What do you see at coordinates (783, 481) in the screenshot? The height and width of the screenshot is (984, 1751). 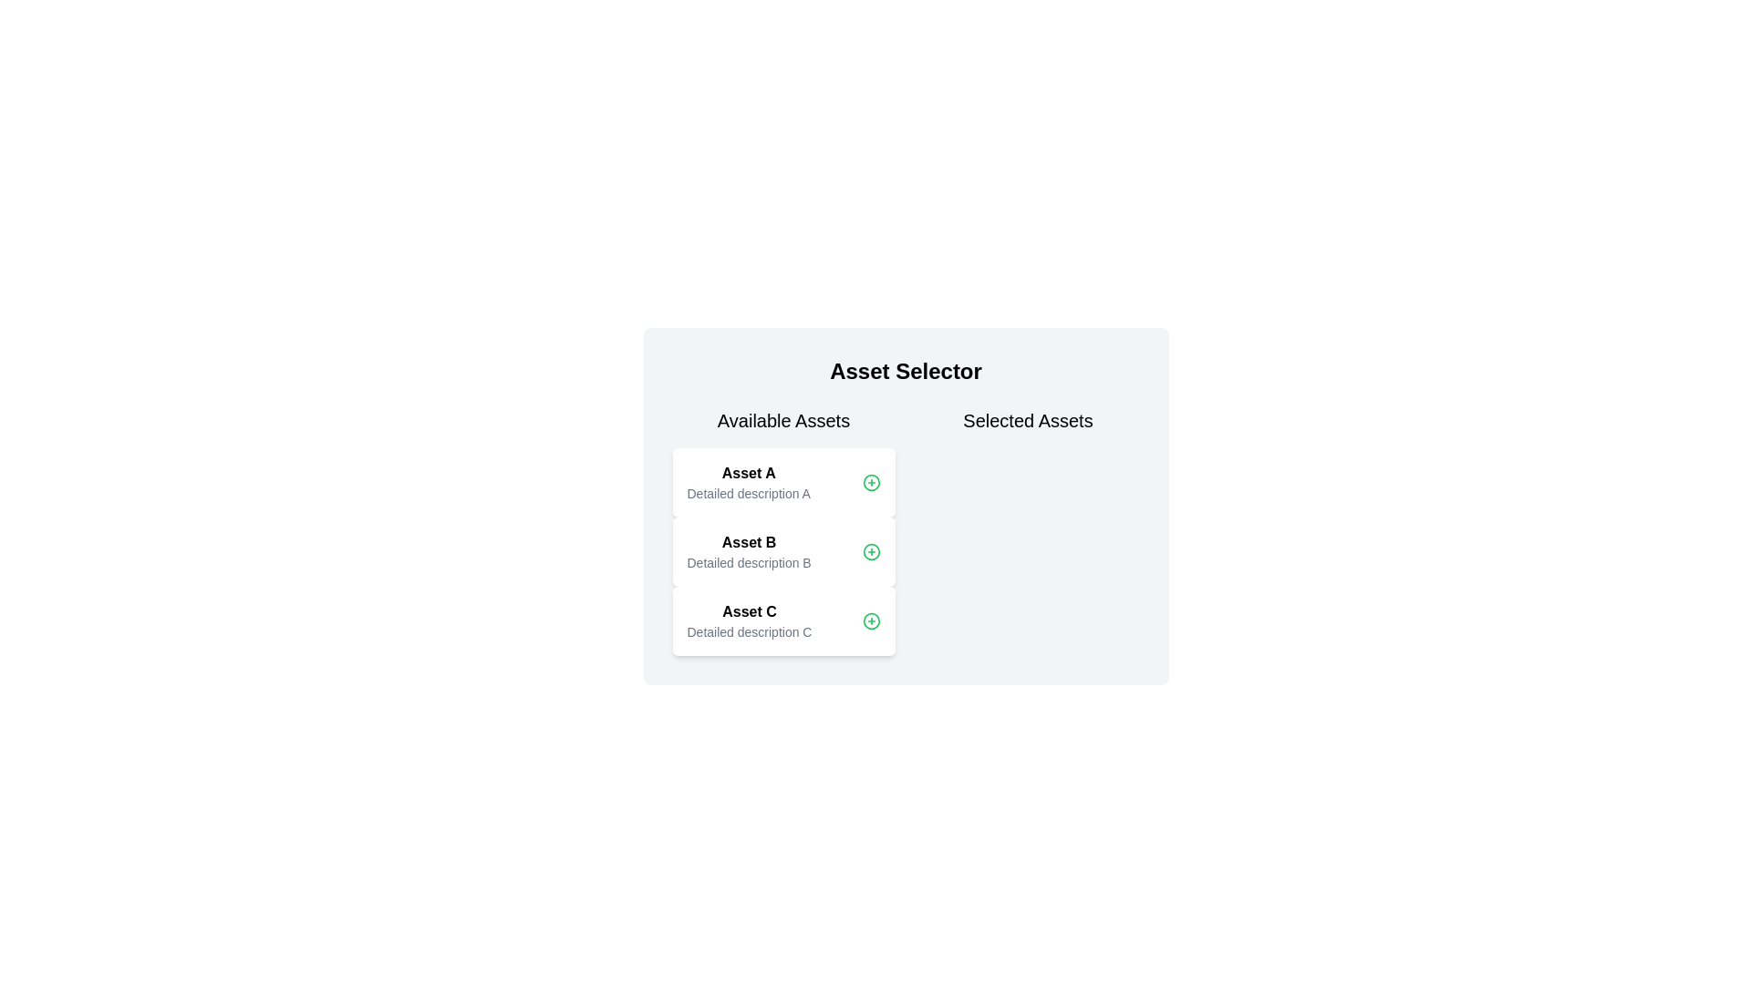 I see `text for detailed information about 'Asset A' by clicking on the first button in the 'Available Assets' section` at bounding box center [783, 481].